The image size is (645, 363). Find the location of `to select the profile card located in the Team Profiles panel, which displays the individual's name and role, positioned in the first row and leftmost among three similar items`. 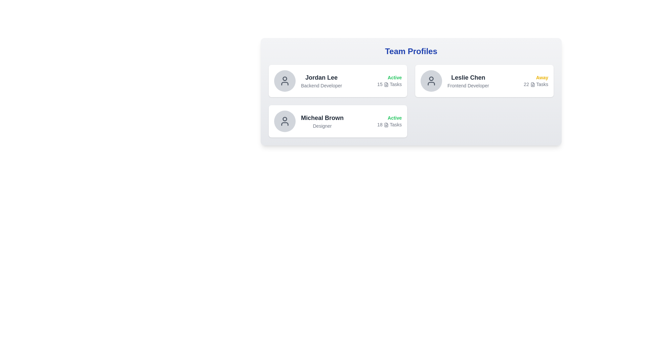

to select the profile card located in the Team Profiles panel, which displays the individual's name and role, positioned in the first row and leftmost among three similar items is located at coordinates (308, 80).